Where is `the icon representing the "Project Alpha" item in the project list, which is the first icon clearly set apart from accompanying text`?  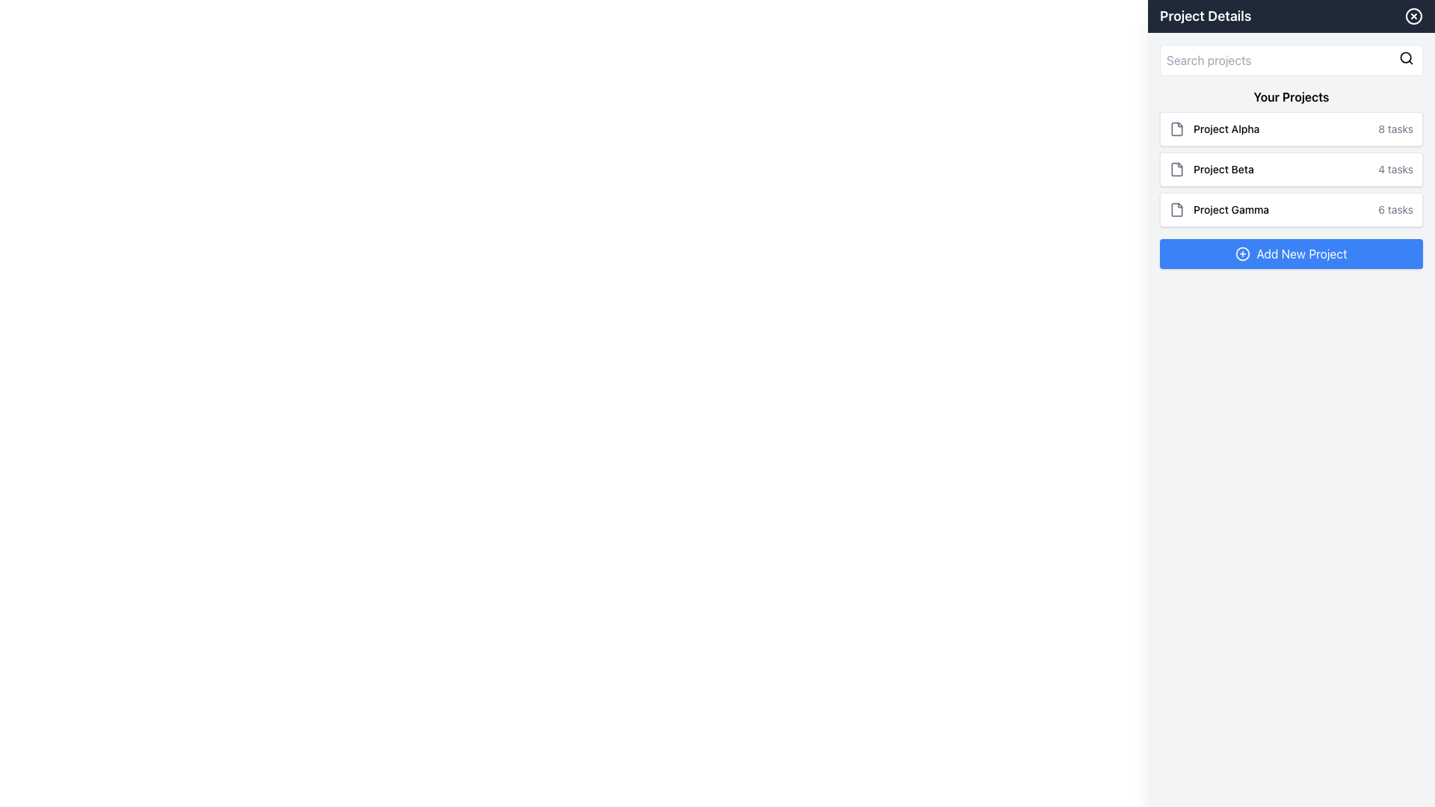 the icon representing the "Project Alpha" item in the project list, which is the first icon clearly set apart from accompanying text is located at coordinates (1176, 129).